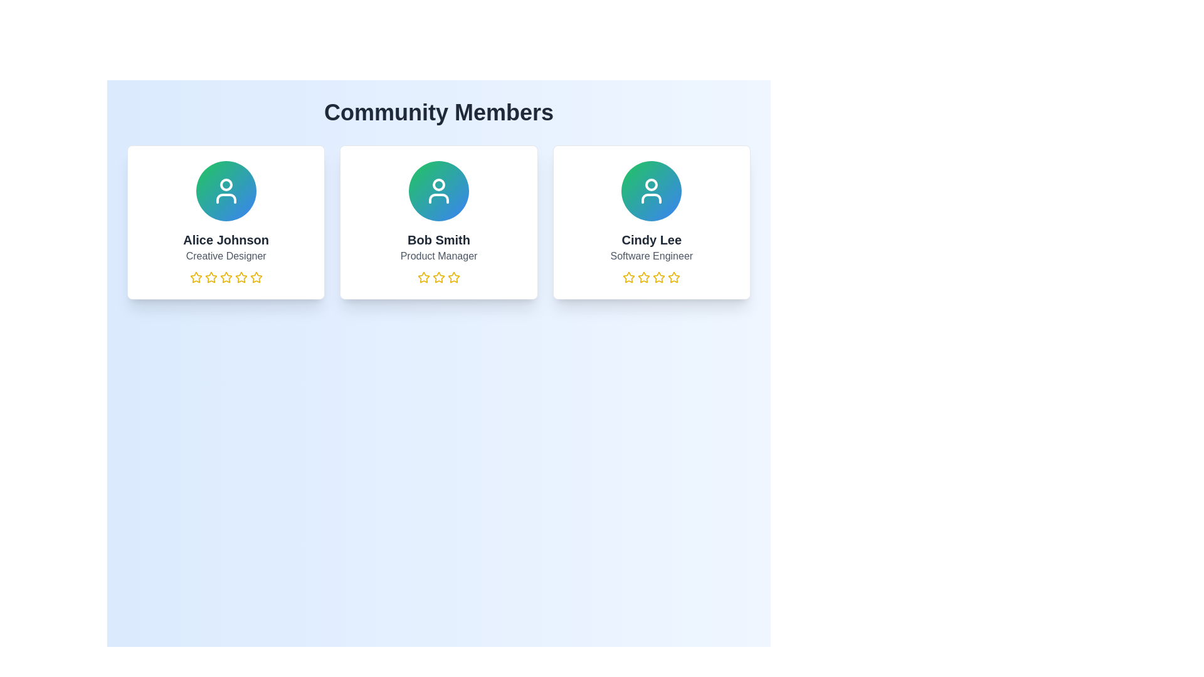 This screenshot has height=677, width=1204. I want to click on the icon featuring a gradient outline of a person, located at the top center of the 'Bob Smith - Product Manager' card, so click(439, 191).